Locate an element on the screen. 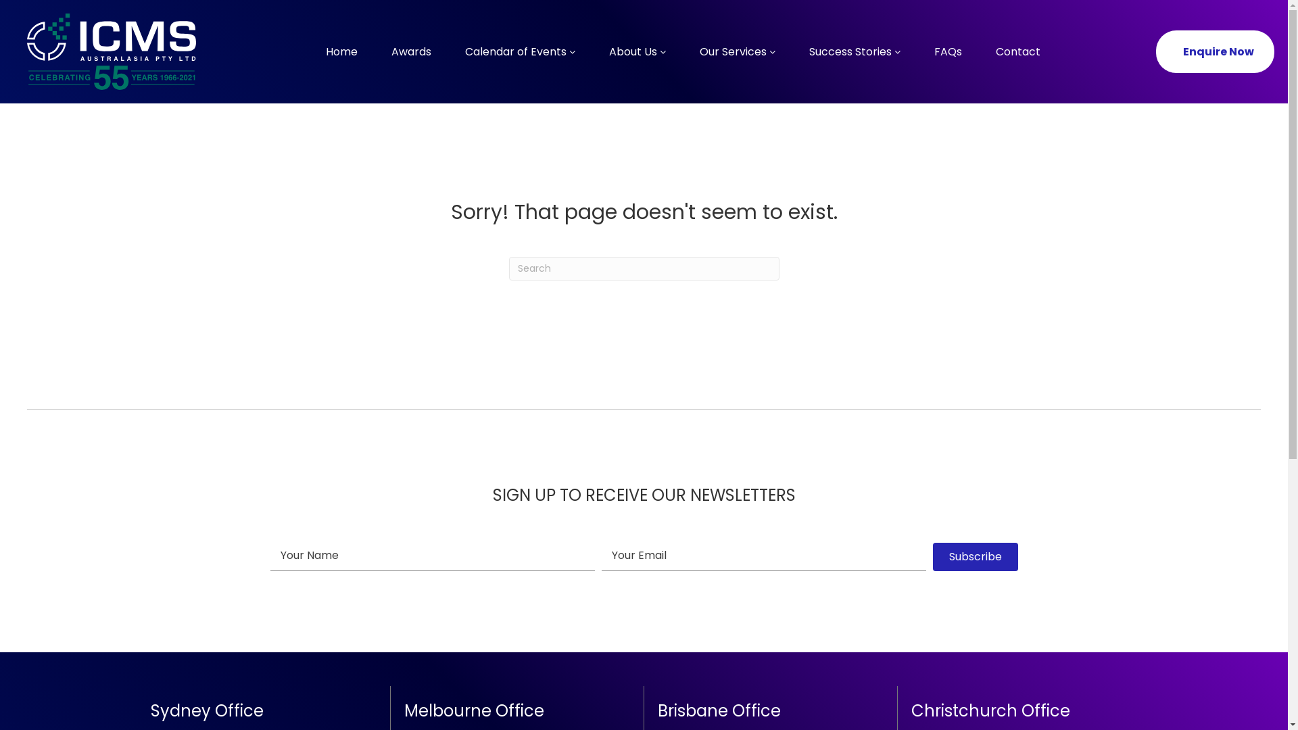 The height and width of the screenshot is (730, 1298). 'FAQs' is located at coordinates (946, 51).